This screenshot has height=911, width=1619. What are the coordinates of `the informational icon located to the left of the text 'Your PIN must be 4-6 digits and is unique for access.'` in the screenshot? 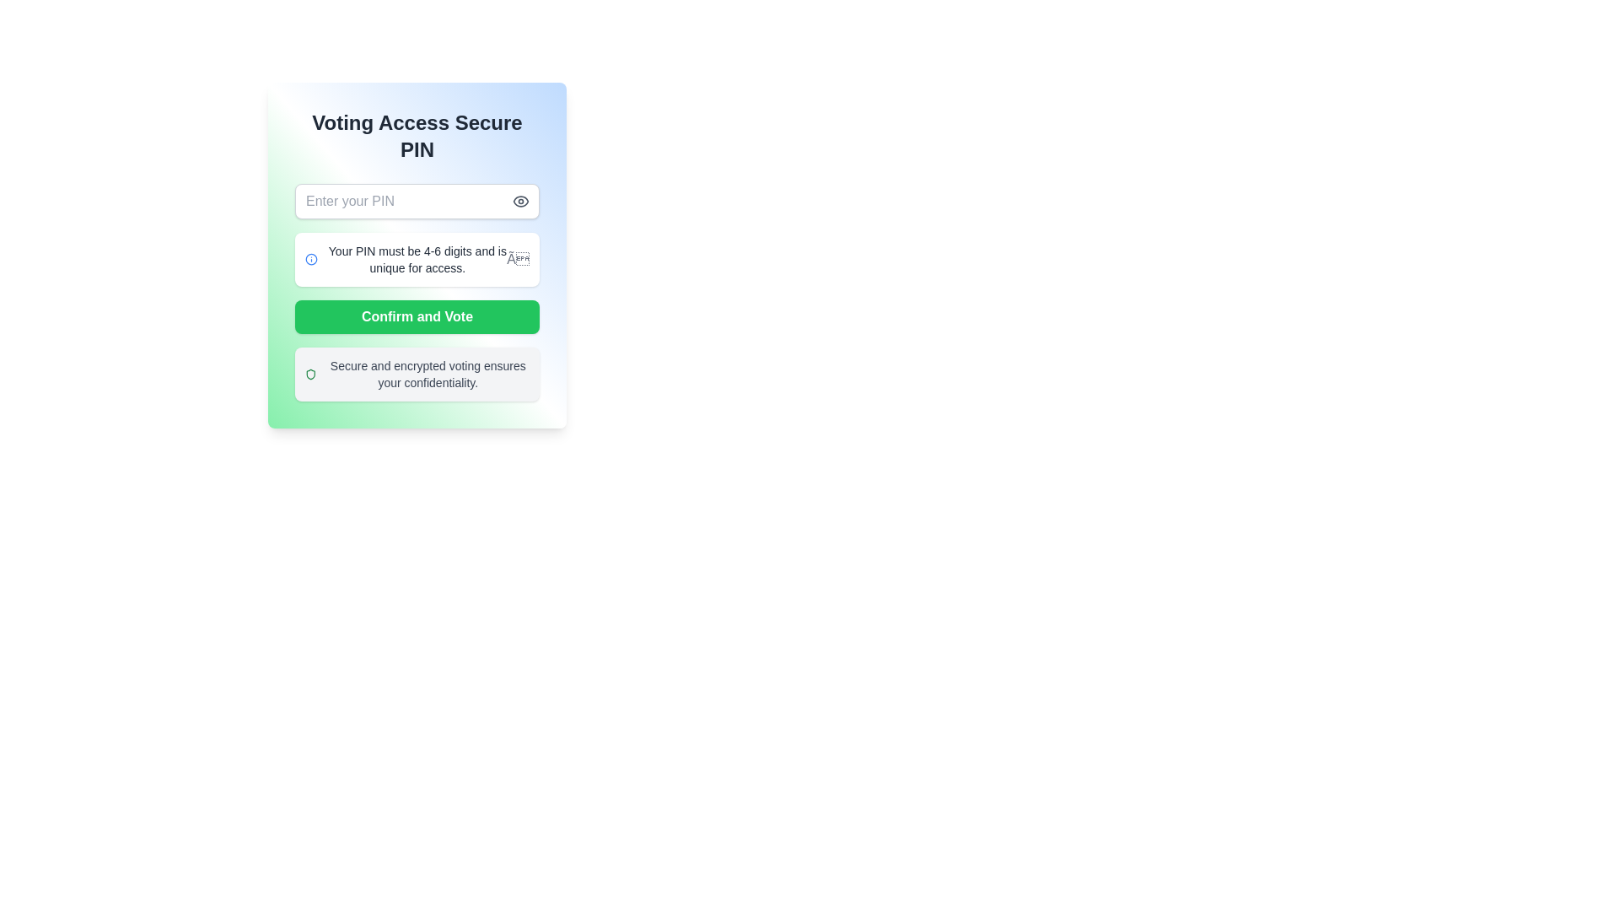 It's located at (311, 260).